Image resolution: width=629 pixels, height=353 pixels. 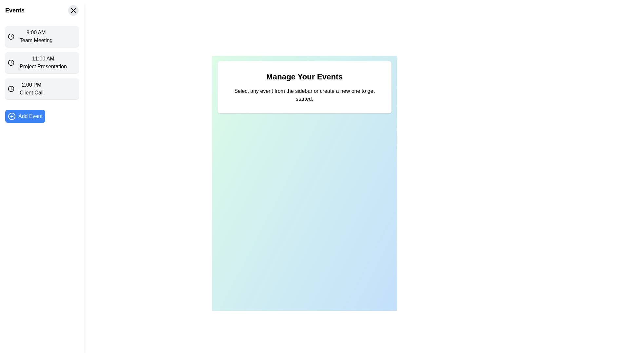 I want to click on the text label below '2:00 PM' in the third event entry of the sidebar, so click(x=31, y=93).